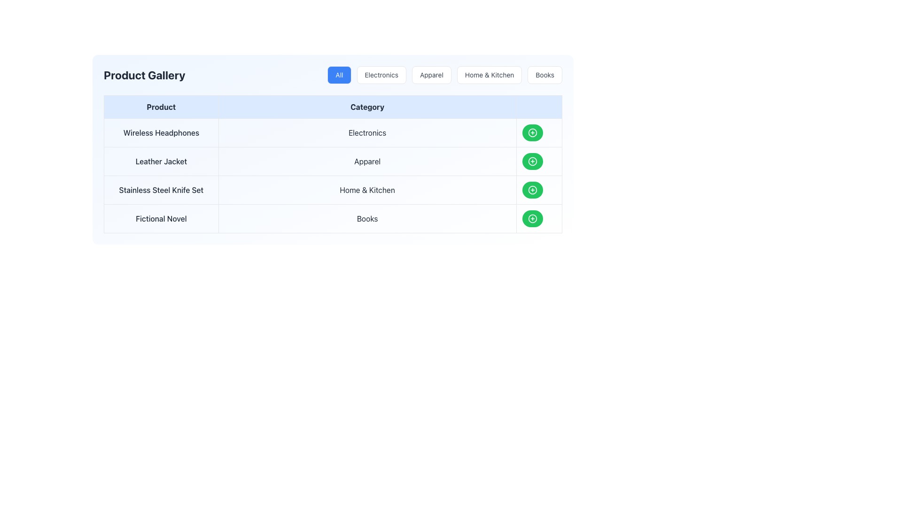 The image size is (902, 507). Describe the element at coordinates (161, 219) in the screenshot. I see `the static text label displaying the product name 'Fictional Novel', which is the leftmost section of the last visible row in a table layout` at that location.